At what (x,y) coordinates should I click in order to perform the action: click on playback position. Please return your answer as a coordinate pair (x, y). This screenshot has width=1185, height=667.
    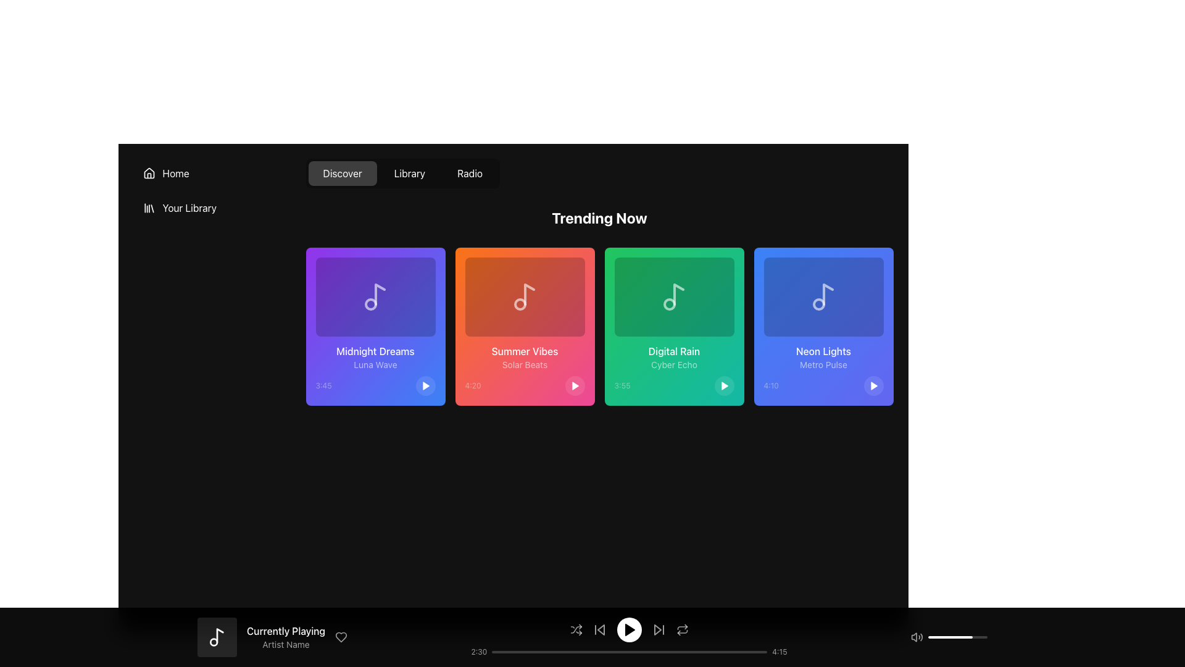
    Looking at the image, I should click on (707, 652).